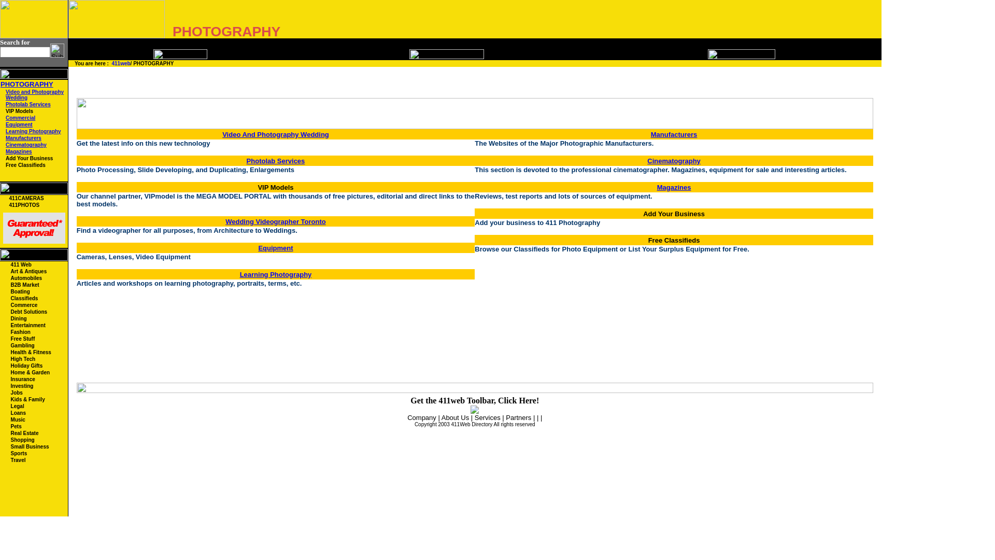 This screenshot has width=995, height=560. Describe the element at coordinates (674, 187) in the screenshot. I see `'Magazines'` at that location.